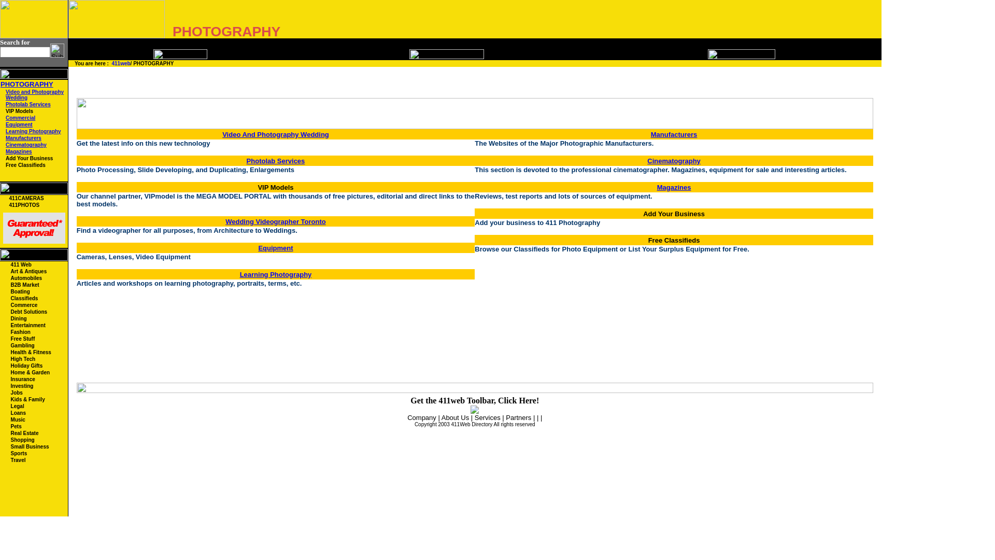 This screenshot has width=995, height=560. Describe the element at coordinates (674, 187) in the screenshot. I see `'Magazines'` at that location.